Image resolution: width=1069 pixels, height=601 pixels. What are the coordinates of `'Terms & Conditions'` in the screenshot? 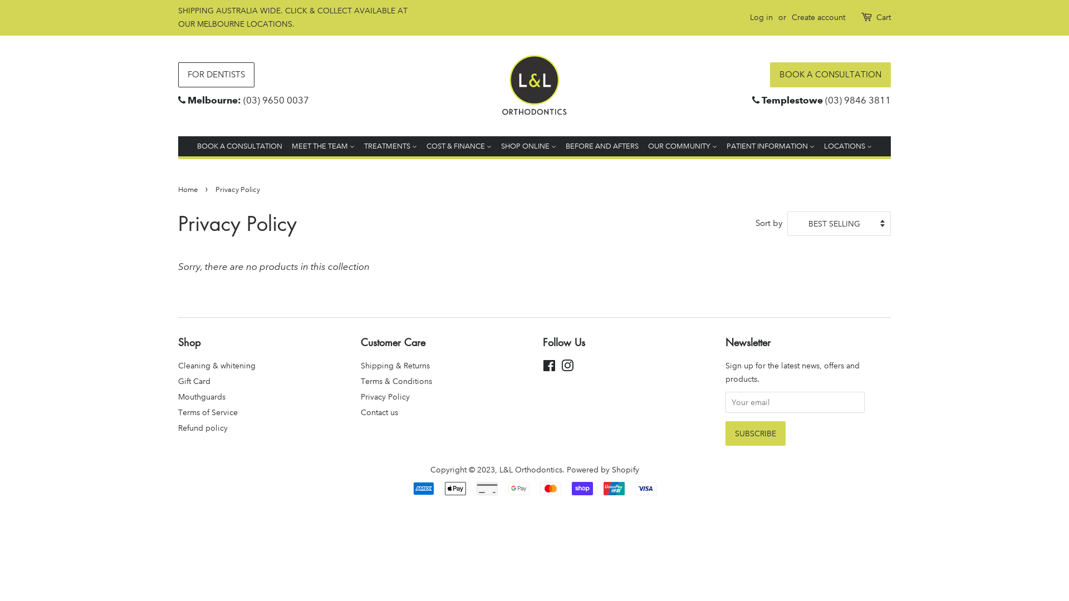 It's located at (396, 381).